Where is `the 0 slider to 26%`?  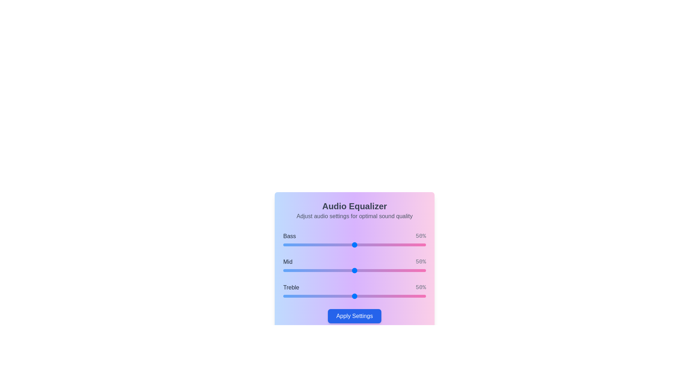 the 0 slider to 26% is located at coordinates (320, 244).